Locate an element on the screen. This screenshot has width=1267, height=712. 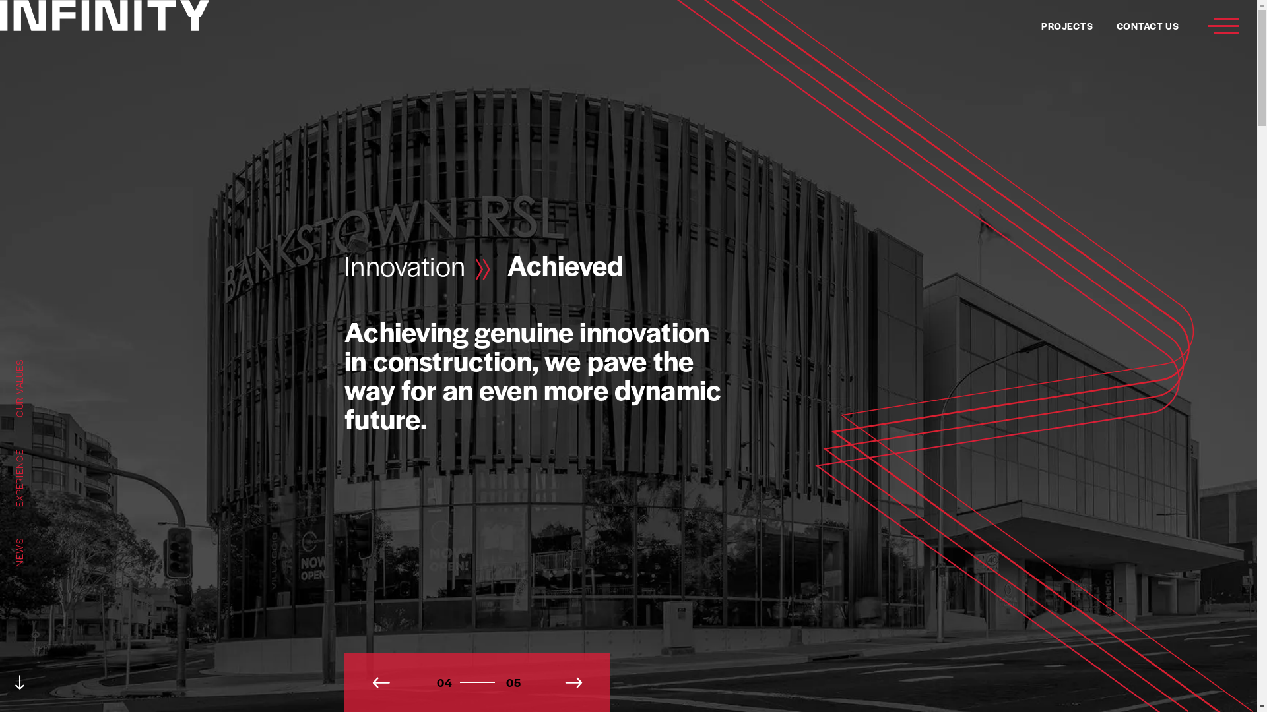
'EXPERIENCE' is located at coordinates (46, 450).